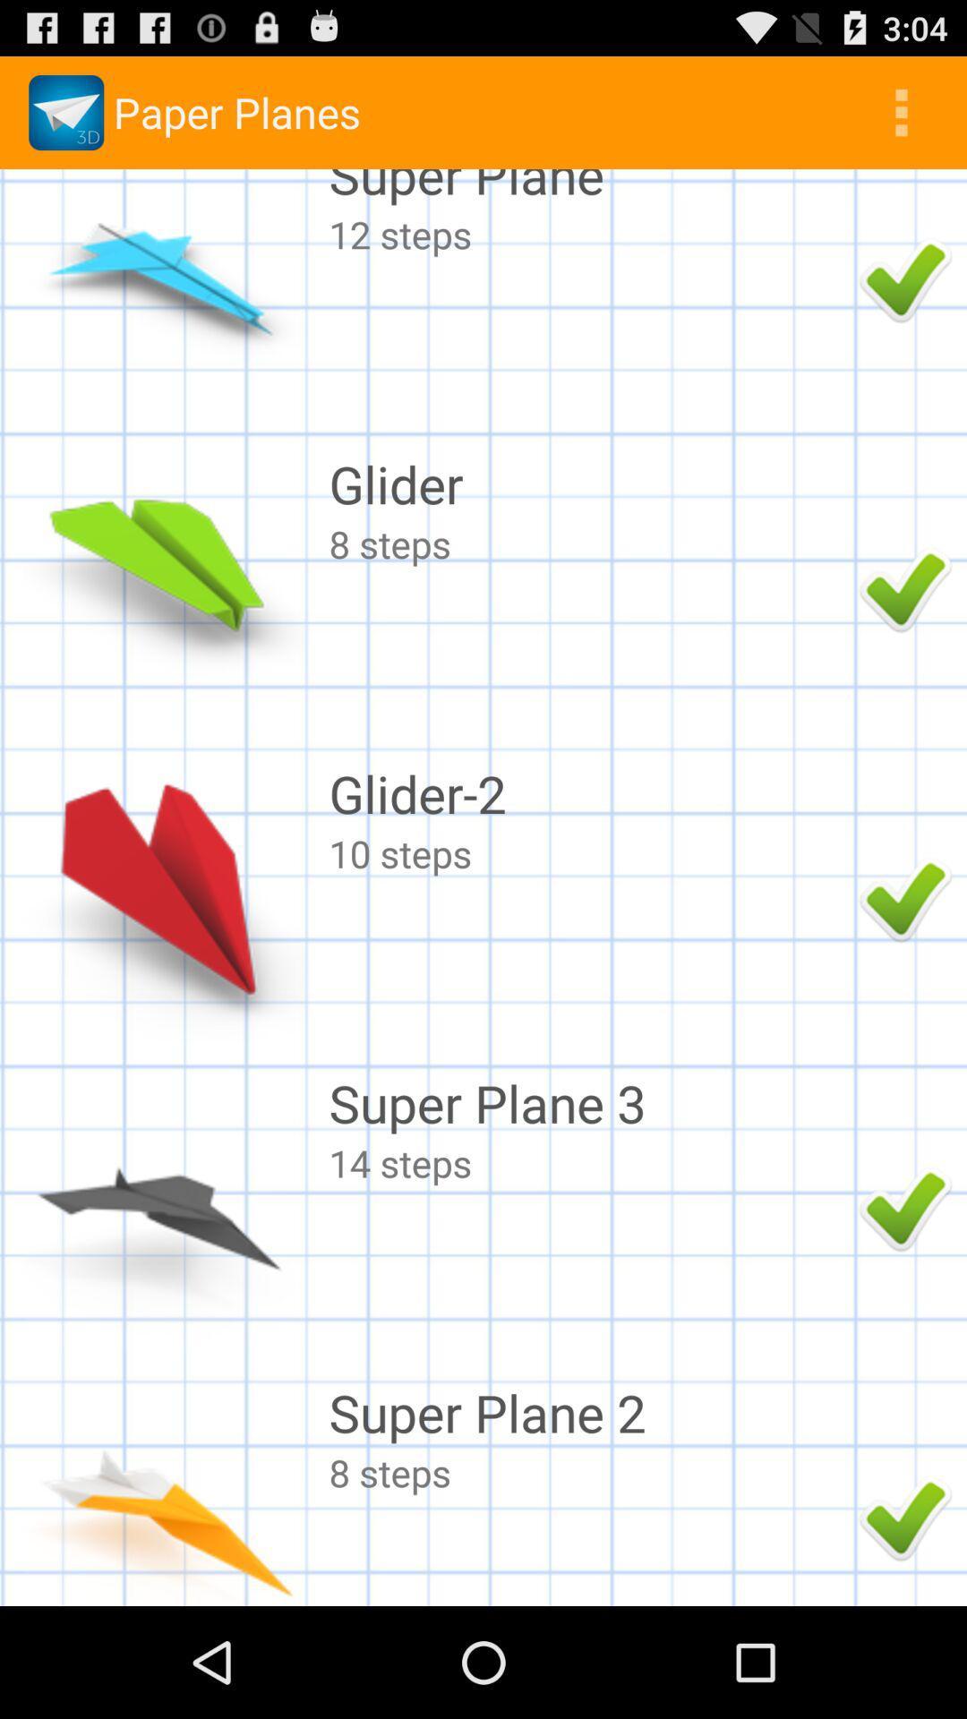 The image size is (967, 1719). I want to click on the item above super plane 2 app, so click(589, 1163).